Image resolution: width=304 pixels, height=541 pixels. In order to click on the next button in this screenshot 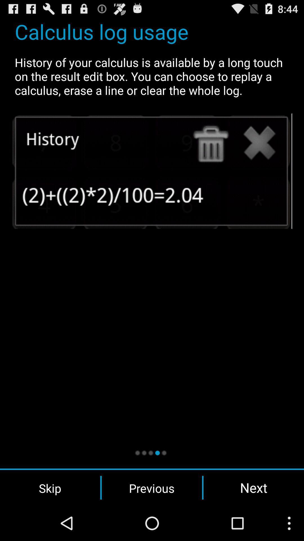, I will do `click(254, 487)`.